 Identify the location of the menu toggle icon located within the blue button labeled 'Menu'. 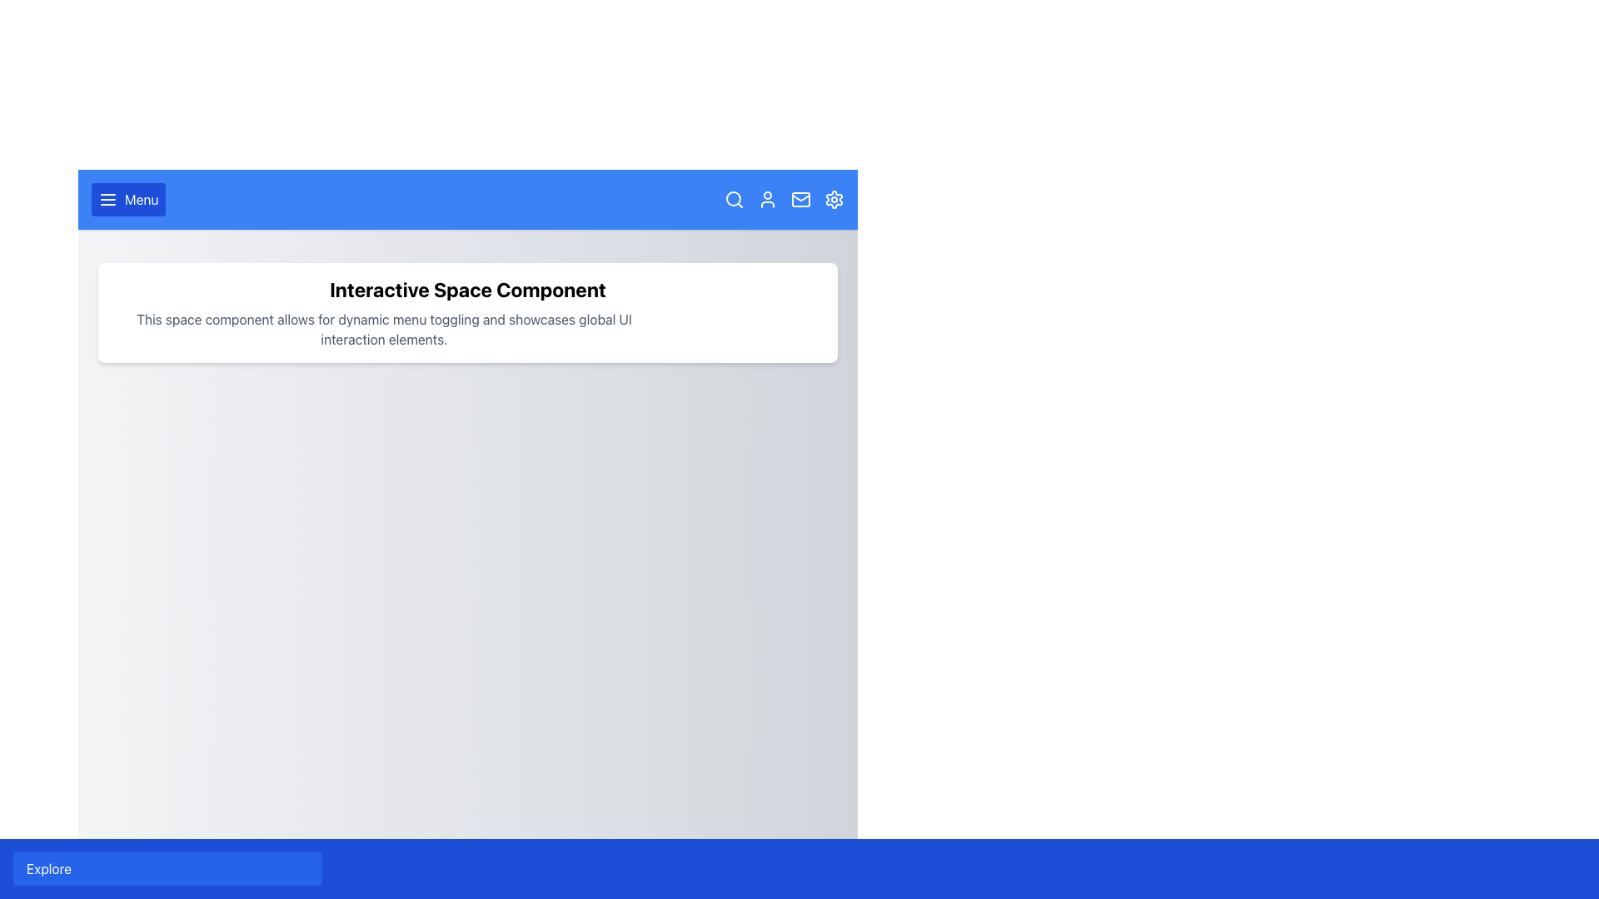
(107, 198).